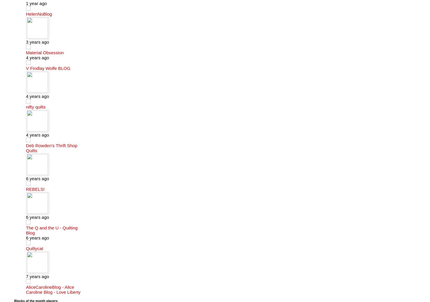 This screenshot has width=430, height=302. What do you see at coordinates (34, 248) in the screenshot?
I see `'Quiltycat'` at bounding box center [34, 248].